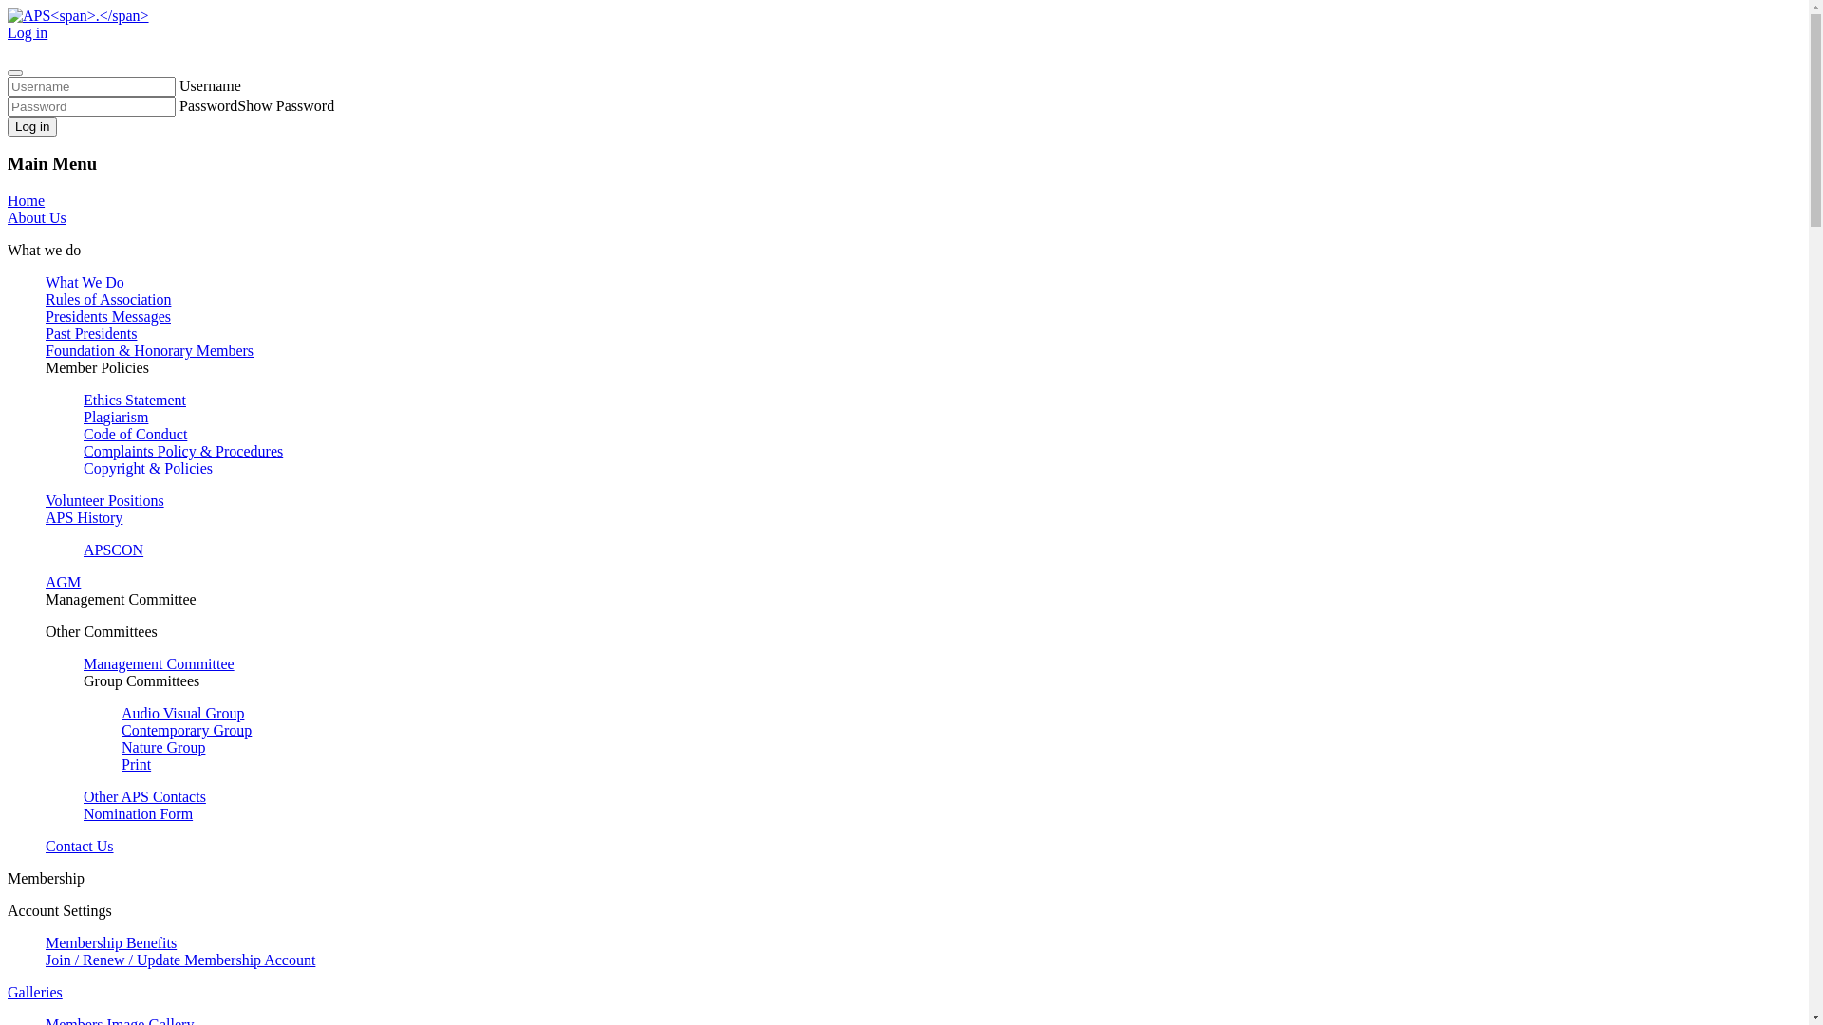  Describe the element at coordinates (46, 878) in the screenshot. I see `'Membership'` at that location.